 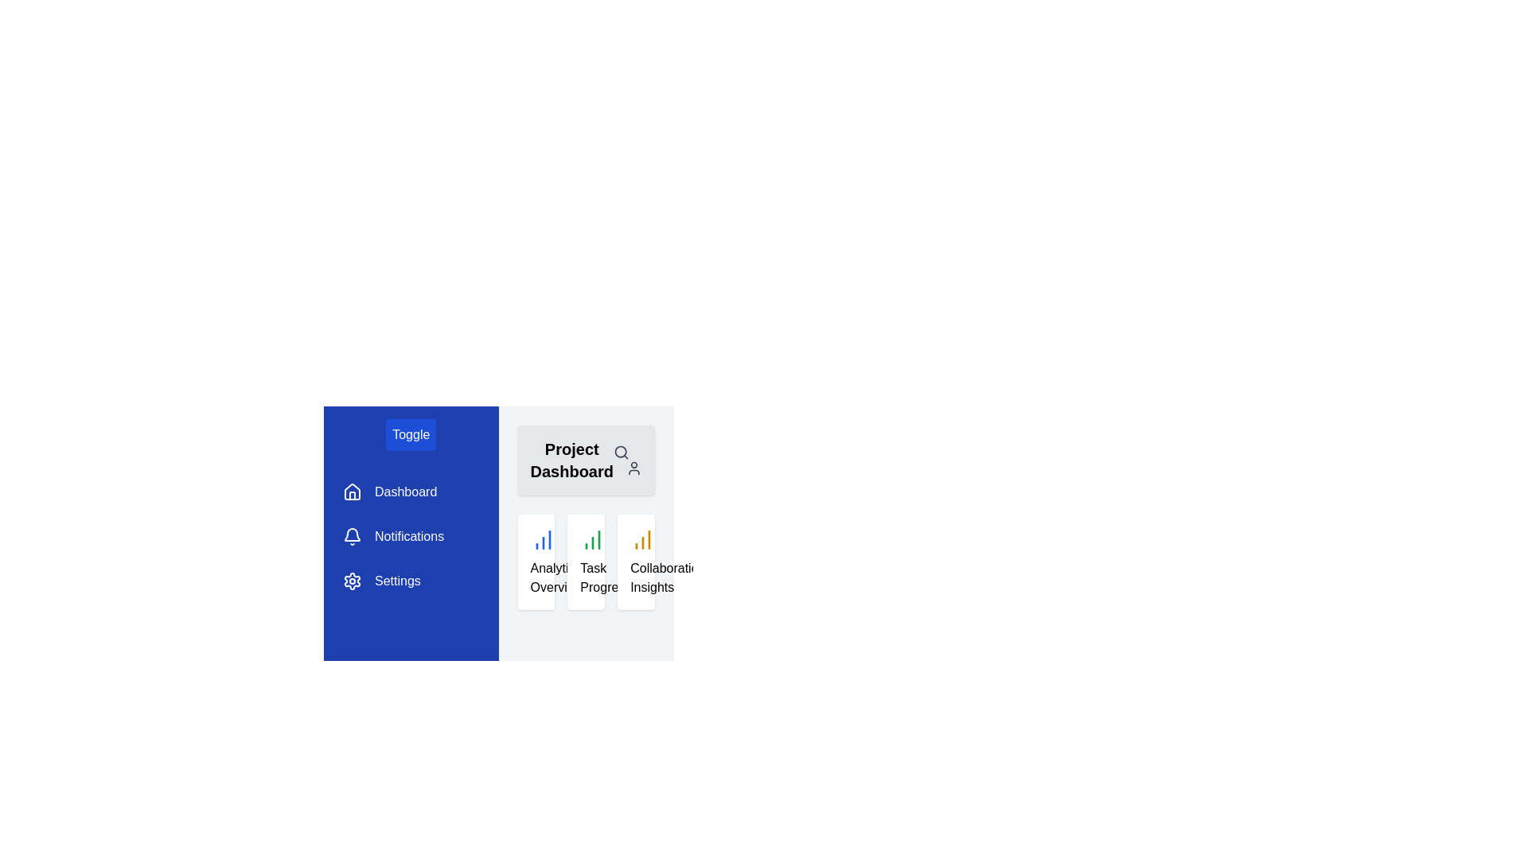 What do you see at coordinates (351, 491) in the screenshot?
I see `the house icon located in the left navigation menu, which is the first icon preceding the 'Dashboard' text` at bounding box center [351, 491].